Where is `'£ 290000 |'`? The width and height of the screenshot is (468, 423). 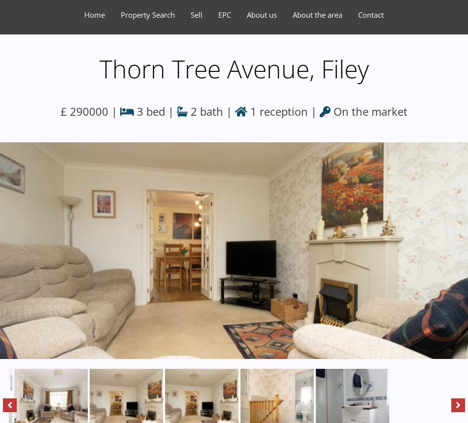
'£ 290000 |' is located at coordinates (90, 111).